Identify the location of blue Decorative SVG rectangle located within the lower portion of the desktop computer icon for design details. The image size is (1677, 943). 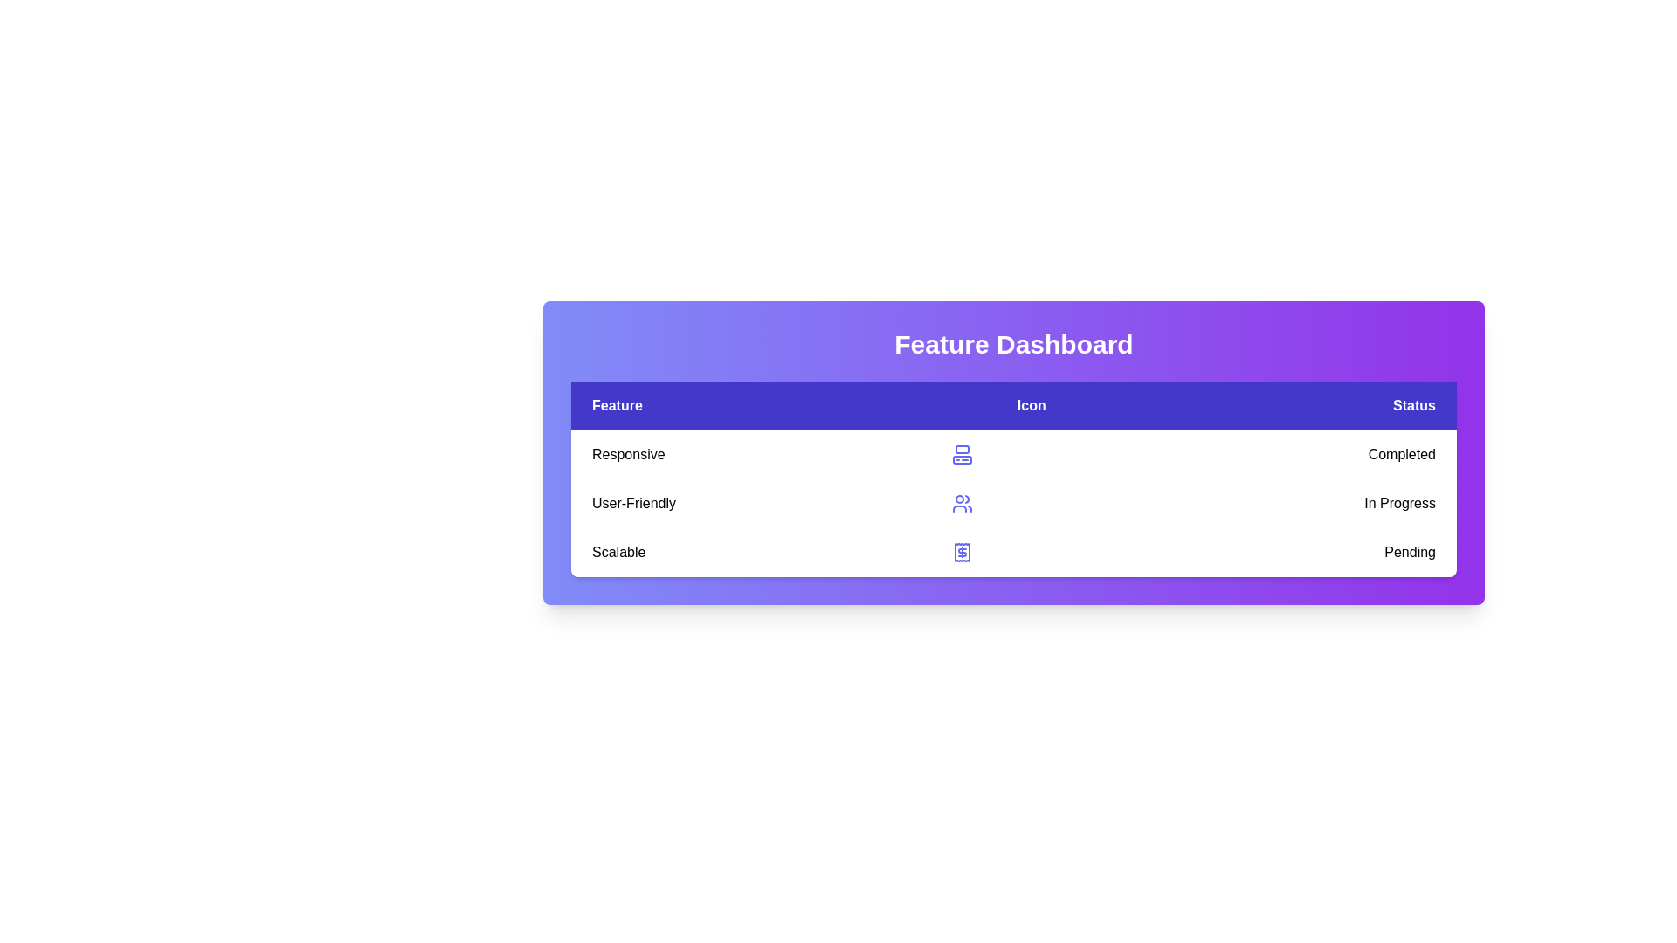
(961, 459).